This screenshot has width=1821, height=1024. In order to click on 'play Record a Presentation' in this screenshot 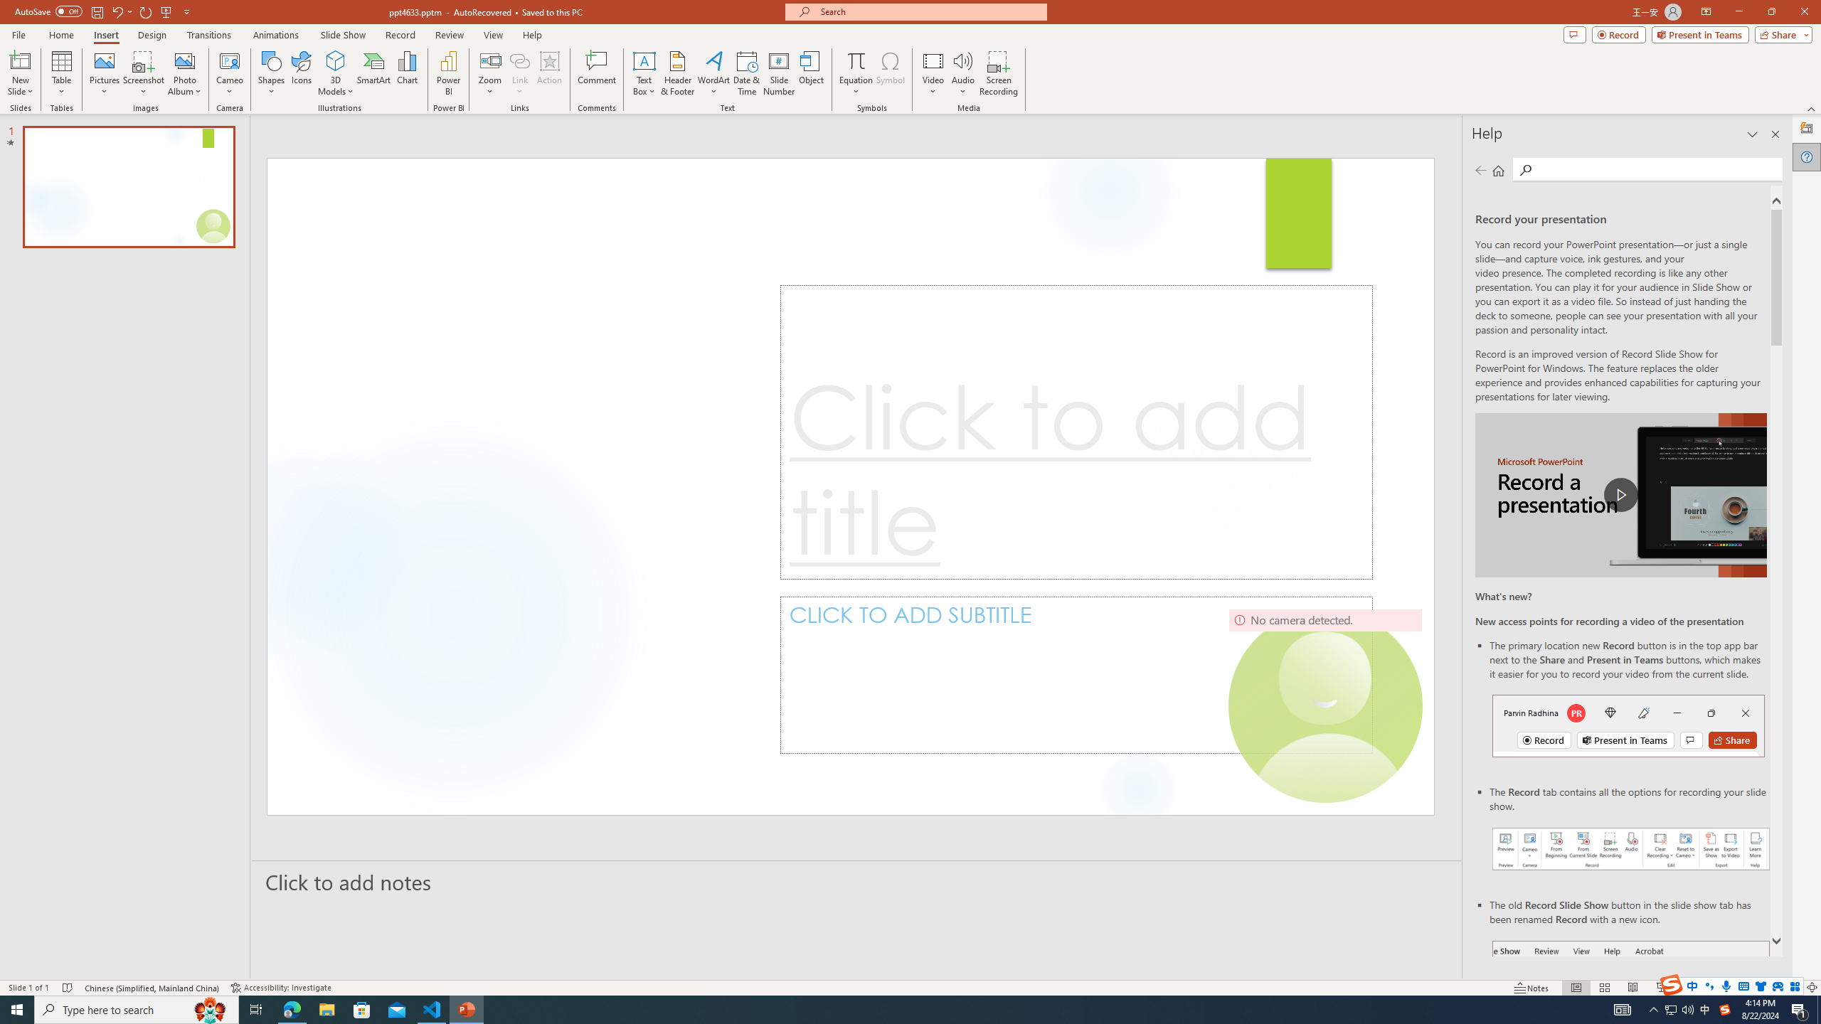, I will do `click(1620, 495)`.